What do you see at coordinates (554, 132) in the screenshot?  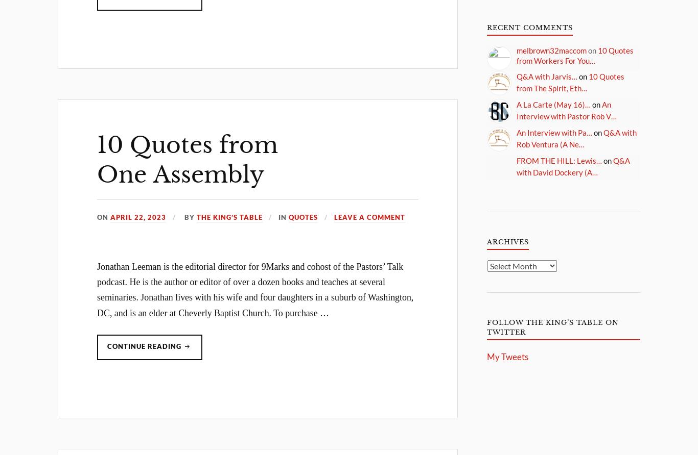 I see `'An Interview with Pa…'` at bounding box center [554, 132].